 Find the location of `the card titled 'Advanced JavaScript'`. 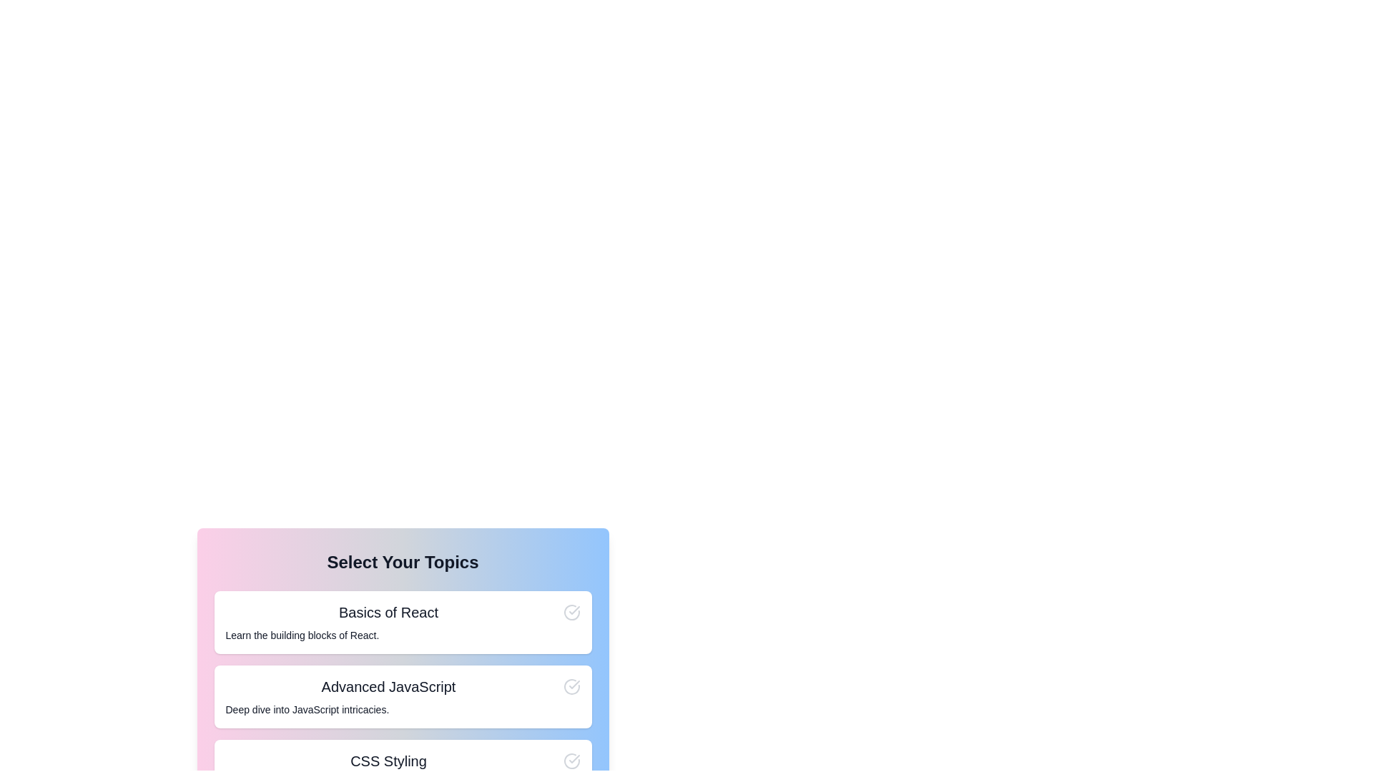

the card titled 'Advanced JavaScript' is located at coordinates (402, 696).